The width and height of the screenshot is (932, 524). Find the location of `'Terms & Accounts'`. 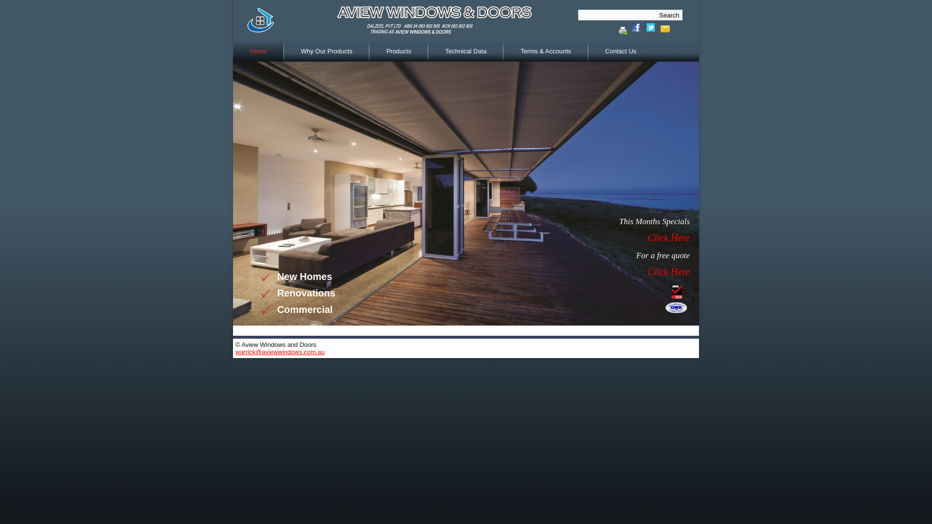

'Terms & Accounts' is located at coordinates (545, 51).